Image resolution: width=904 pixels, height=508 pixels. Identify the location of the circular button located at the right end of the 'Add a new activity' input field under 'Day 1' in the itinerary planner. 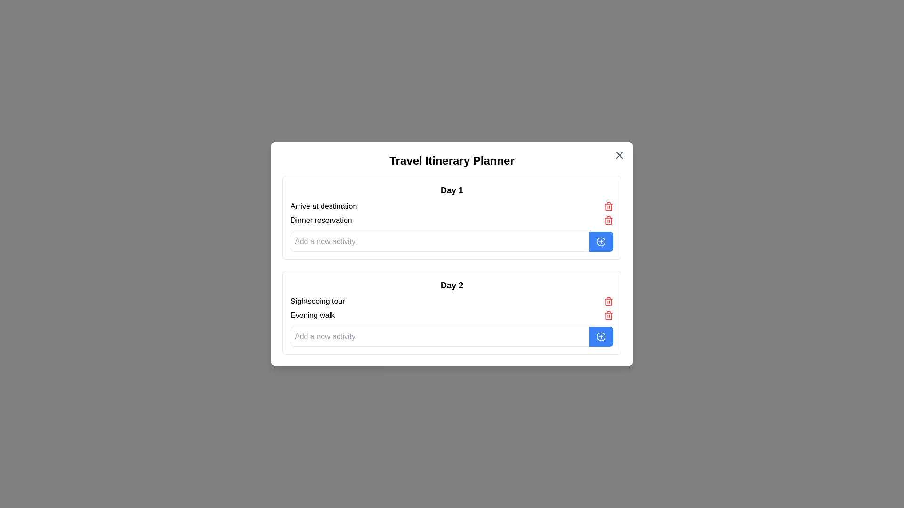
(600, 241).